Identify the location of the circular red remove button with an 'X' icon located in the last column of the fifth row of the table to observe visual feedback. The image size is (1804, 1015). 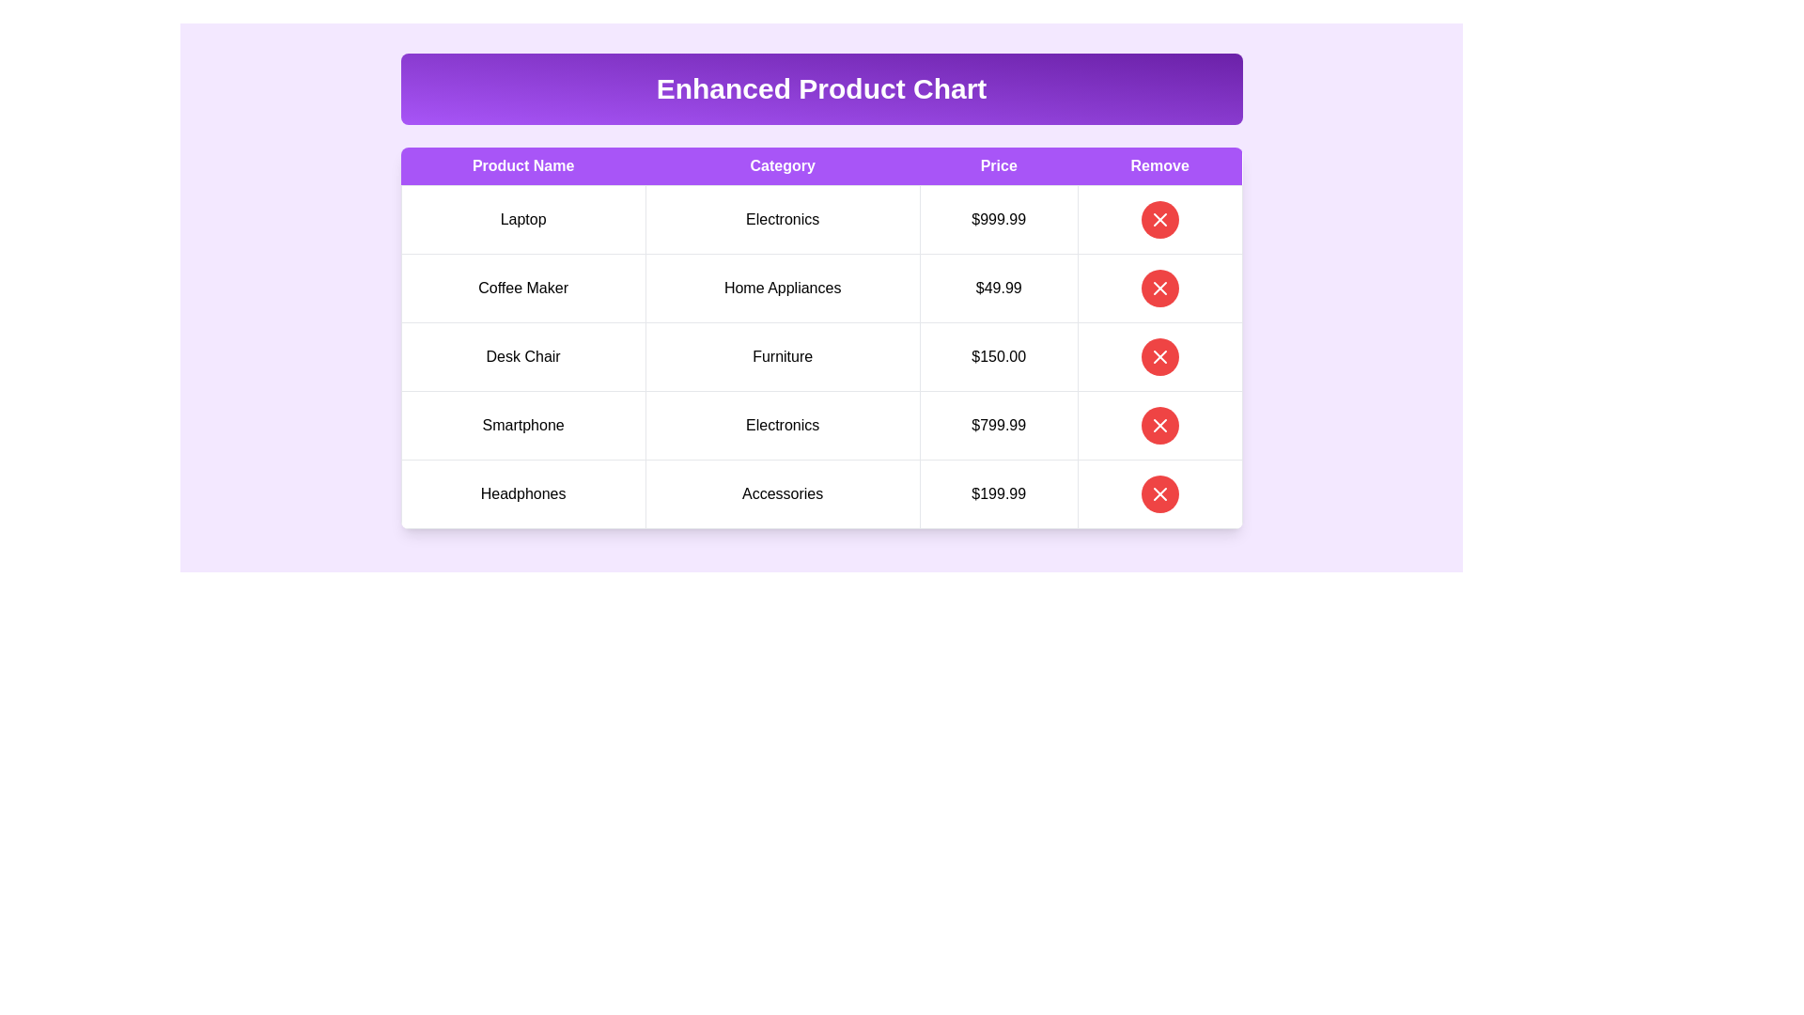
(1159, 492).